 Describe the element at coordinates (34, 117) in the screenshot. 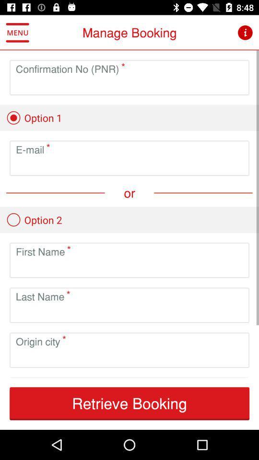

I see `icon above the e-mail` at that location.